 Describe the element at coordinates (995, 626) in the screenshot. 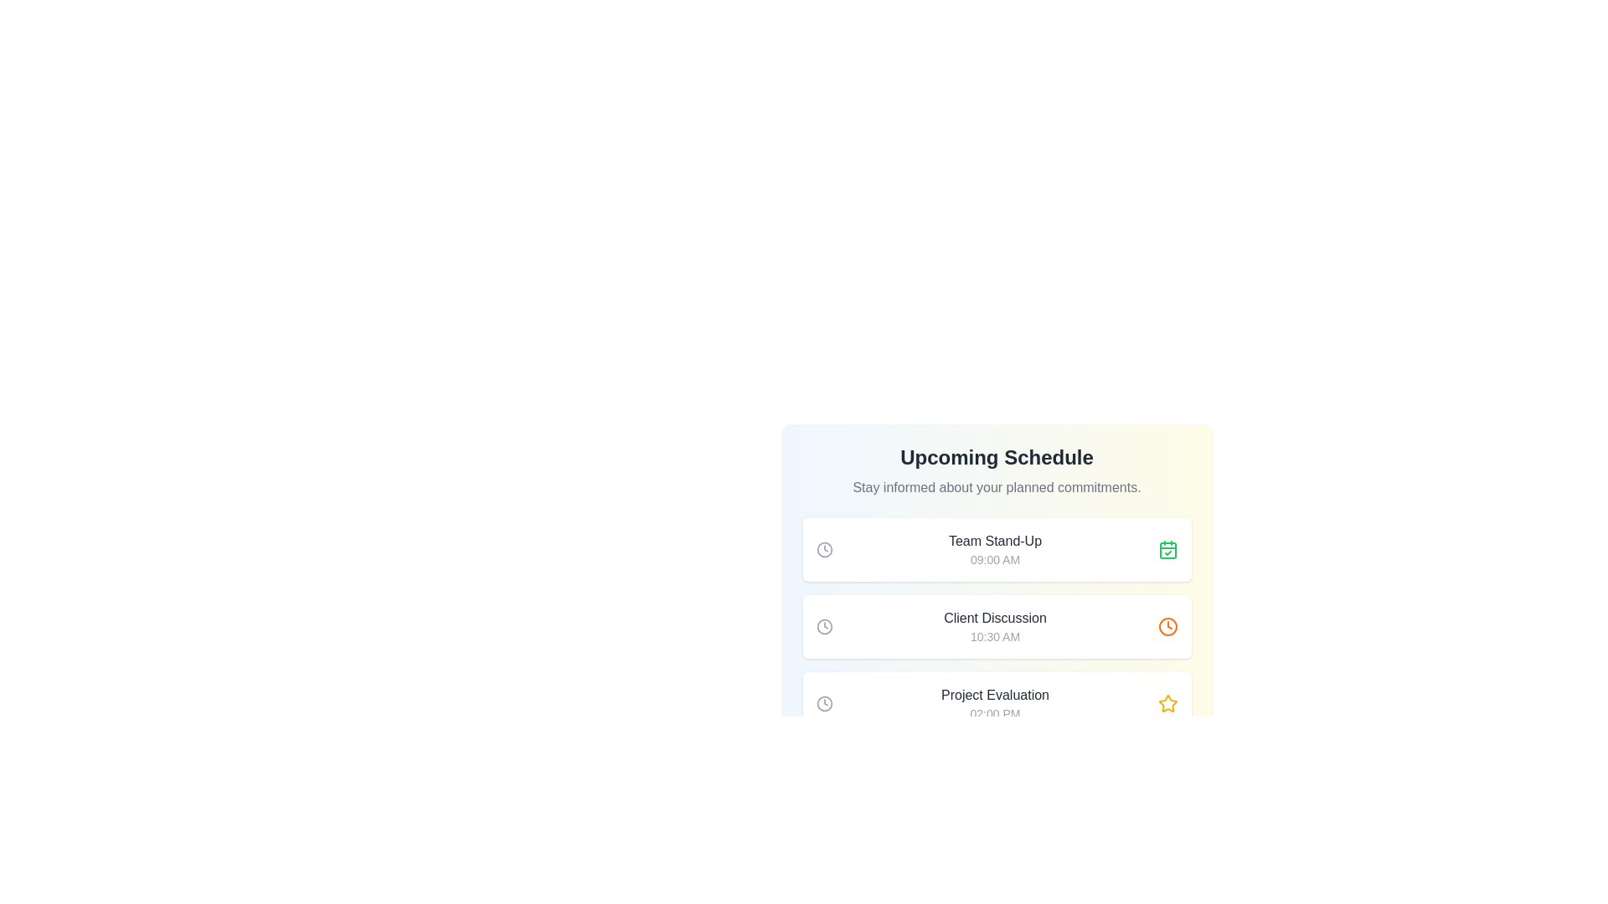

I see `the second card in the 'Upcoming Schedule' section that displays the event or task title and scheduled time, located centrally in the interface` at that location.